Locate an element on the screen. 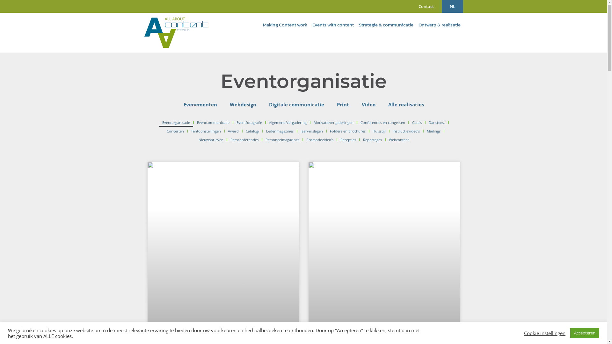 Image resolution: width=612 pixels, height=344 pixels. 'NL' is located at coordinates (441, 6).